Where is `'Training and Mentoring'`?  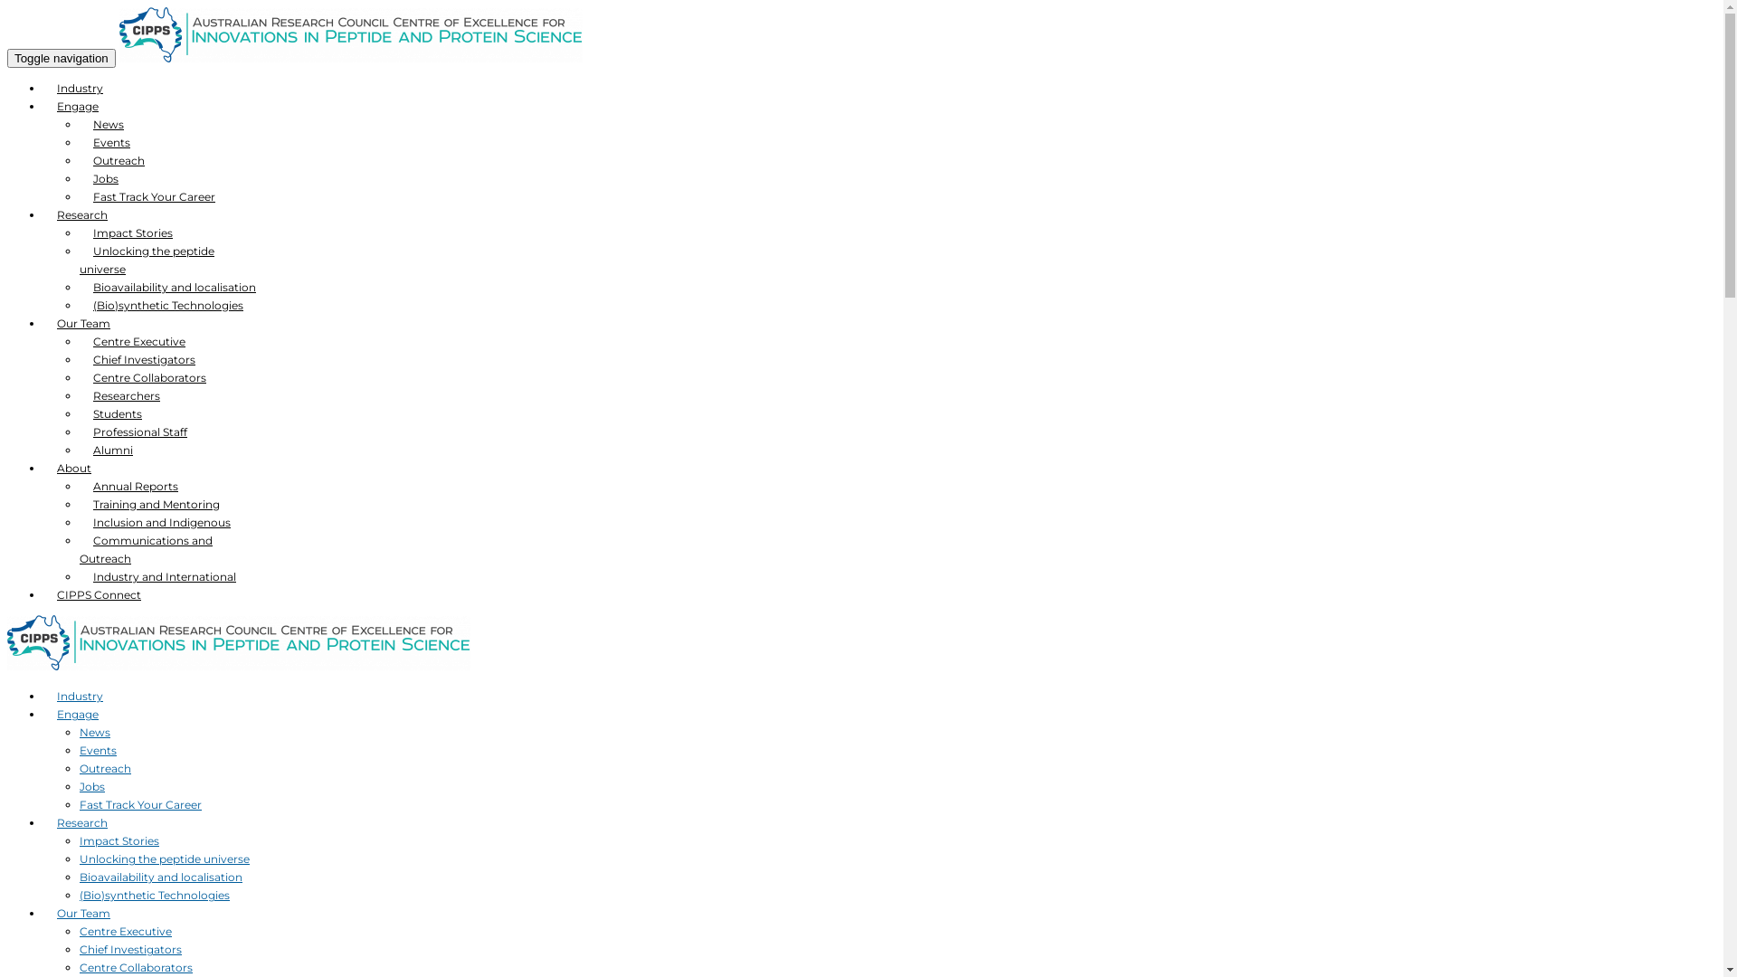 'Training and Mentoring' is located at coordinates (156, 504).